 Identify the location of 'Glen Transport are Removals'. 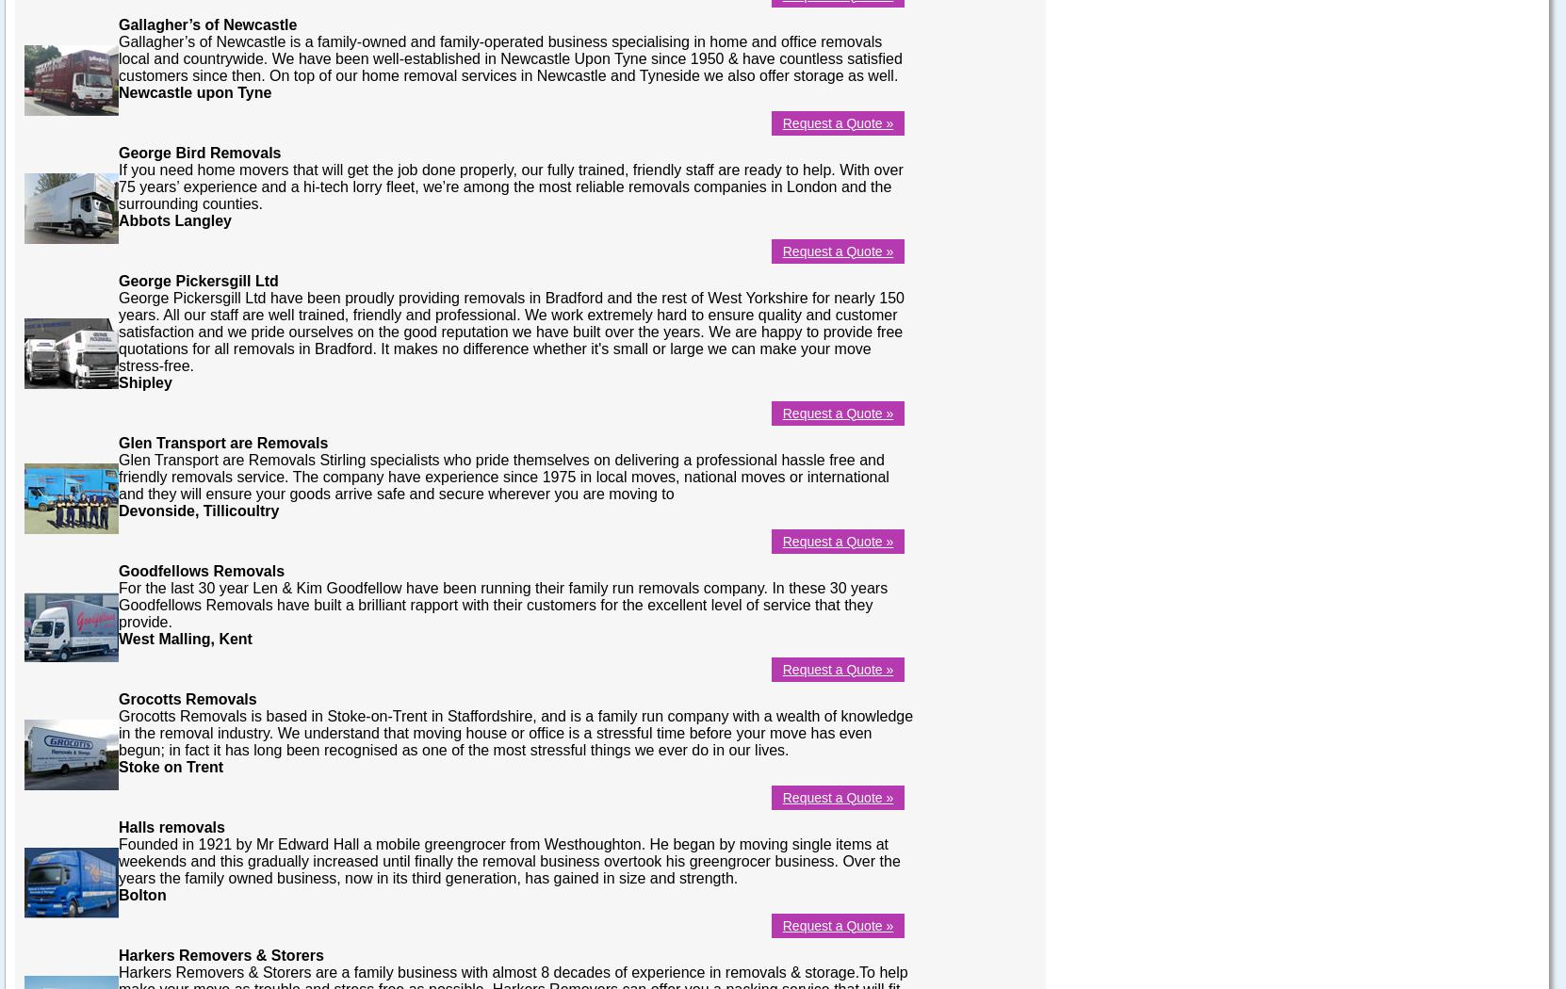
(222, 442).